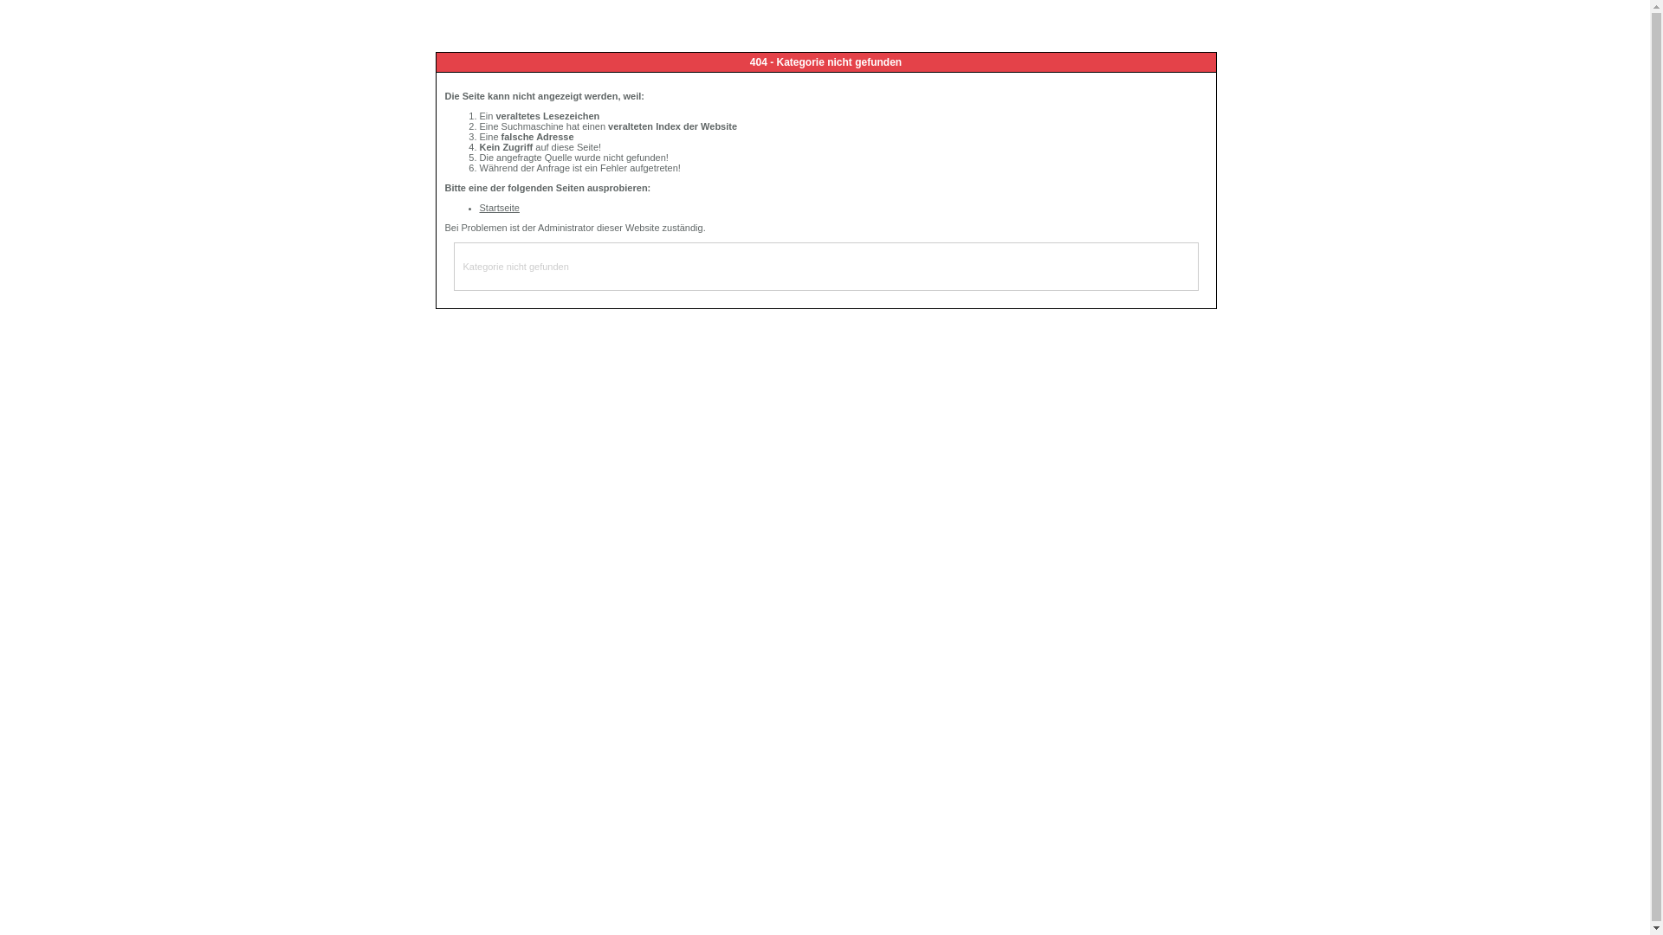 The image size is (1663, 935). I want to click on 'Startseite', so click(498, 206).